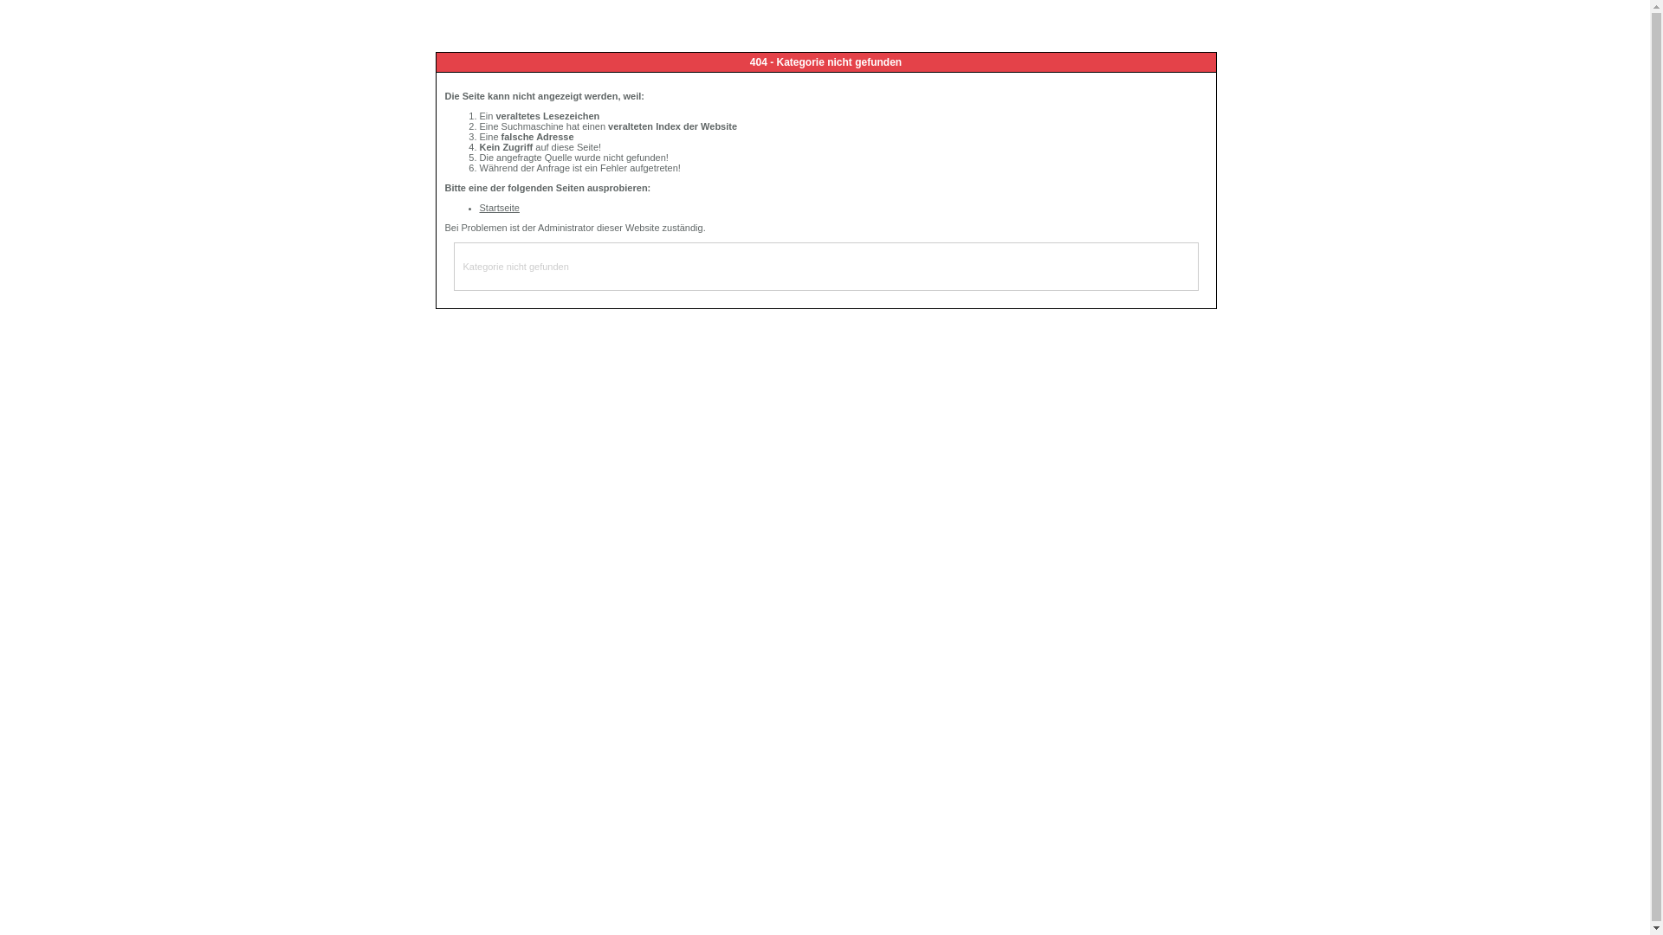 The image size is (1663, 935). I want to click on 'Startseite', so click(498, 206).